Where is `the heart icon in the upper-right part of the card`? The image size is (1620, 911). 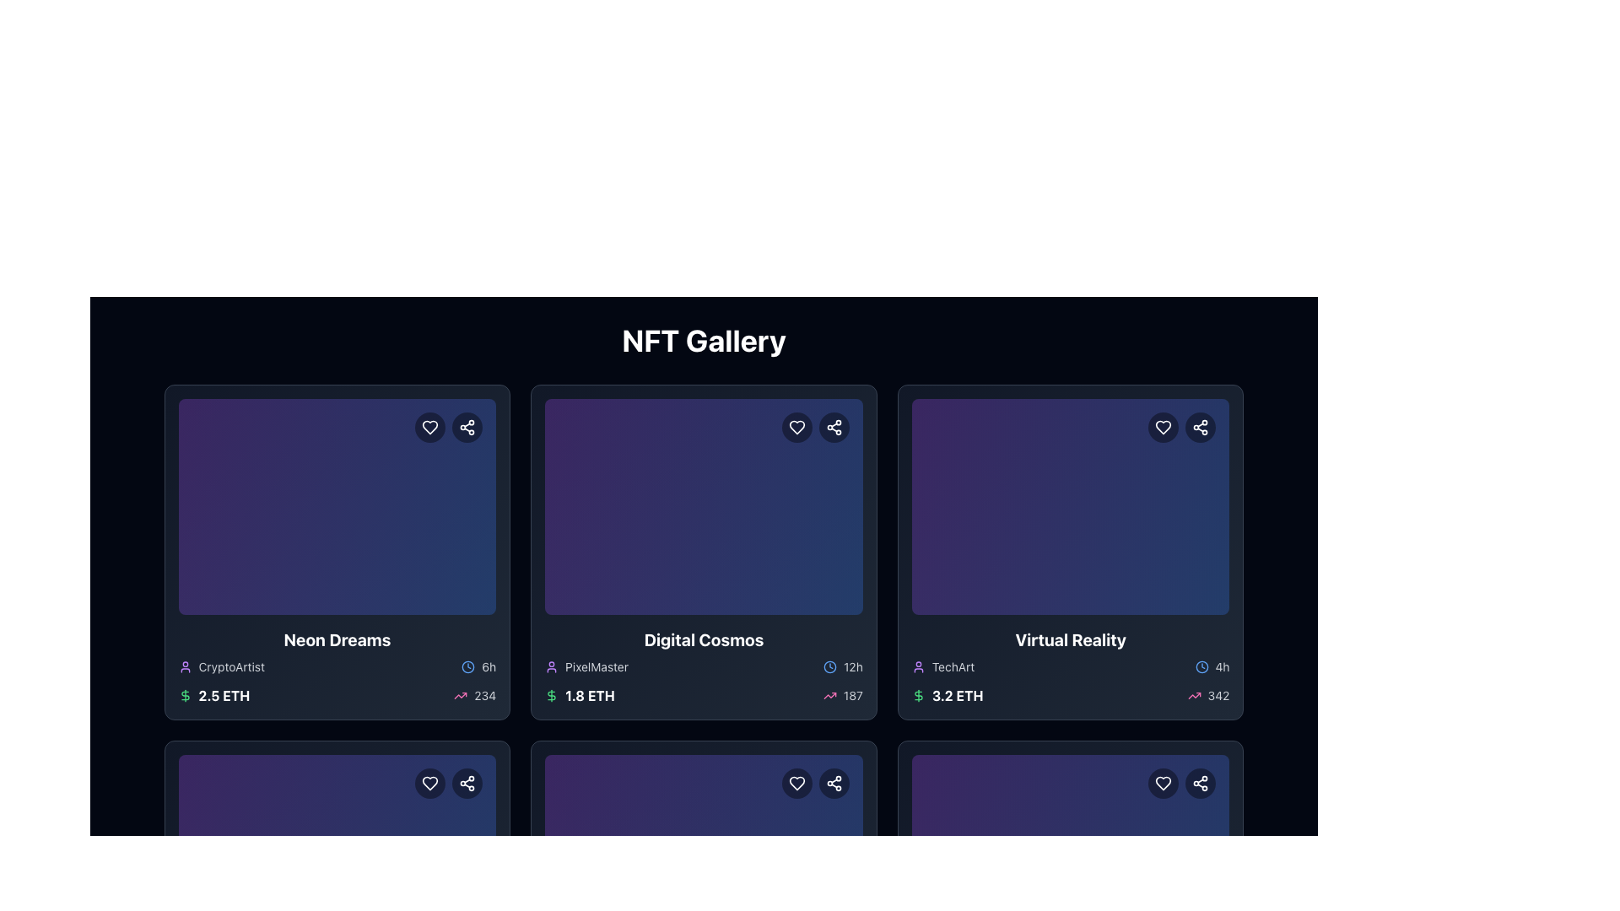
the heart icon in the upper-right part of the card is located at coordinates (815, 426).